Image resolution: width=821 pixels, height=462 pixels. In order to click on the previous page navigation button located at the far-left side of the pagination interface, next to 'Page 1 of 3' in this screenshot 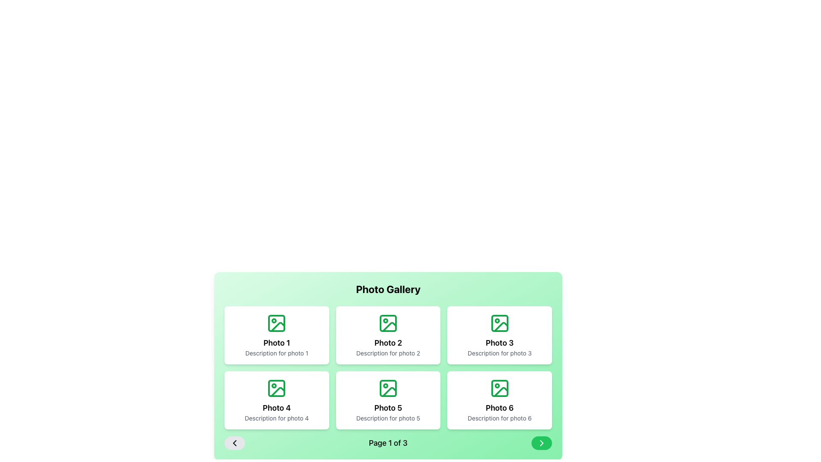, I will do `click(234, 443)`.